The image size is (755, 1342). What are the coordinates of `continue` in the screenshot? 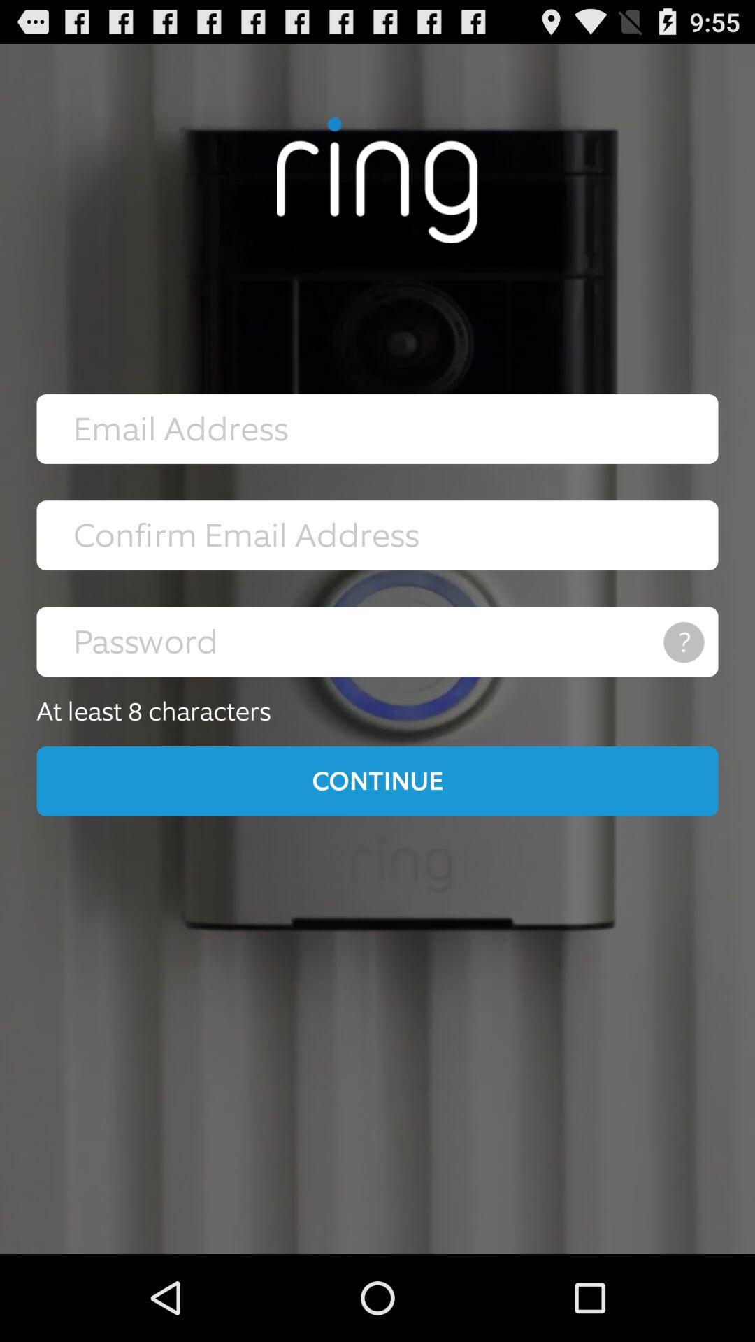 It's located at (377, 780).